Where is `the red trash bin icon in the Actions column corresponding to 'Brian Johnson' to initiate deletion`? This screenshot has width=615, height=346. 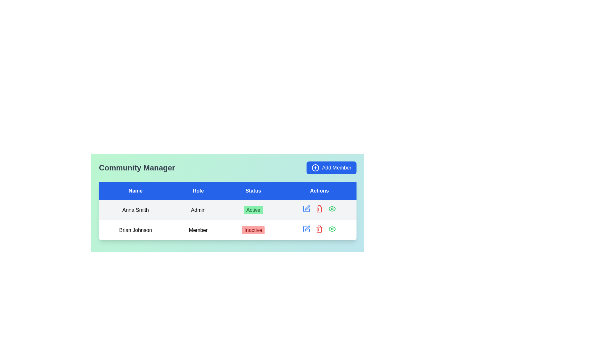 the red trash bin icon in the Actions column corresponding to 'Brian Johnson' to initiate deletion is located at coordinates (319, 228).